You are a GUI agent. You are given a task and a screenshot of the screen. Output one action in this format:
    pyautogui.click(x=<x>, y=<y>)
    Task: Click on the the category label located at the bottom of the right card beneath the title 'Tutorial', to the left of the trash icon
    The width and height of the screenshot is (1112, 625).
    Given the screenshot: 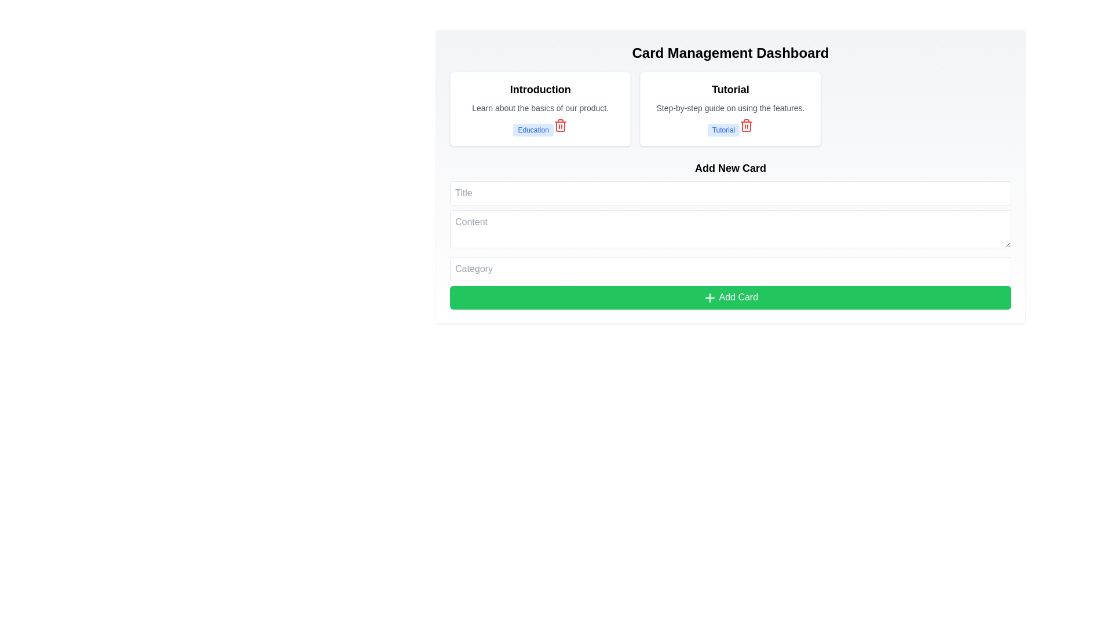 What is the action you would take?
    pyautogui.click(x=723, y=130)
    